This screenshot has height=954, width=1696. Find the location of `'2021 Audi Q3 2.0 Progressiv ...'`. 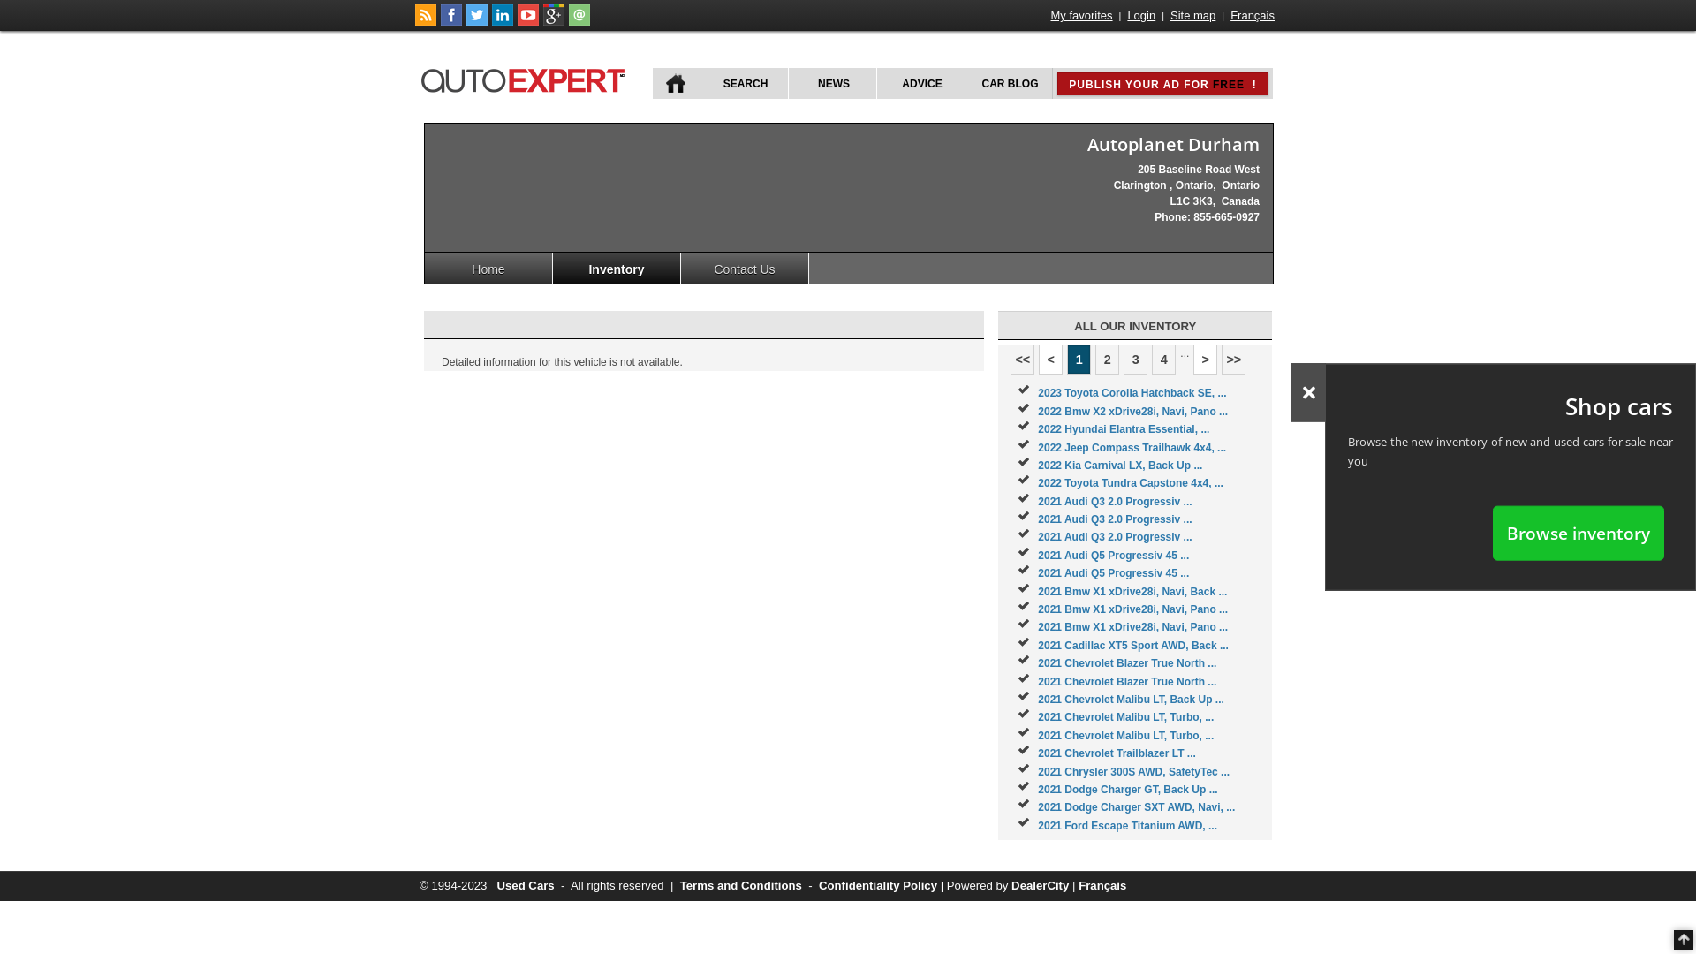

'2021 Audi Q3 2.0 Progressiv ...' is located at coordinates (1114, 536).